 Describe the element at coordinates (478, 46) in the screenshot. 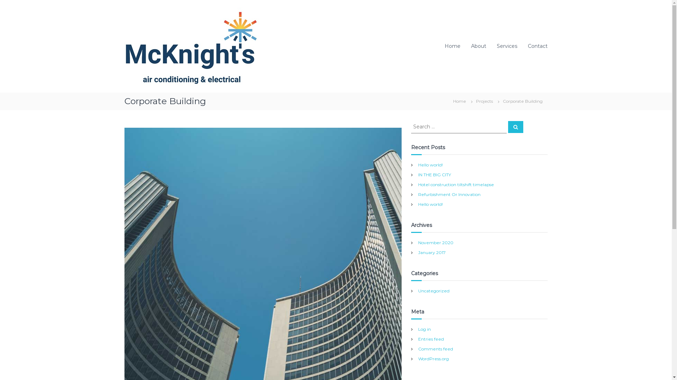

I see `'About'` at that location.